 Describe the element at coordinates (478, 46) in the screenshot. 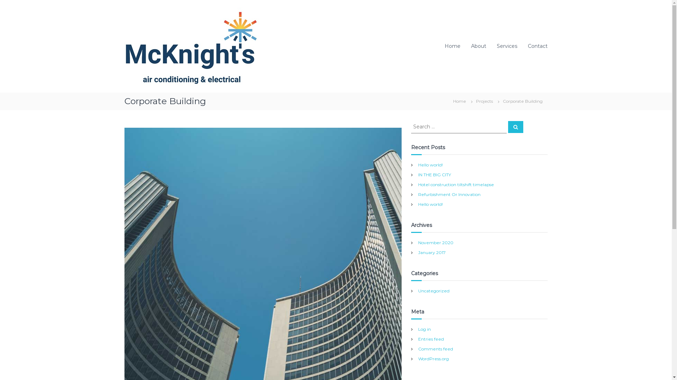

I see `'About'` at that location.